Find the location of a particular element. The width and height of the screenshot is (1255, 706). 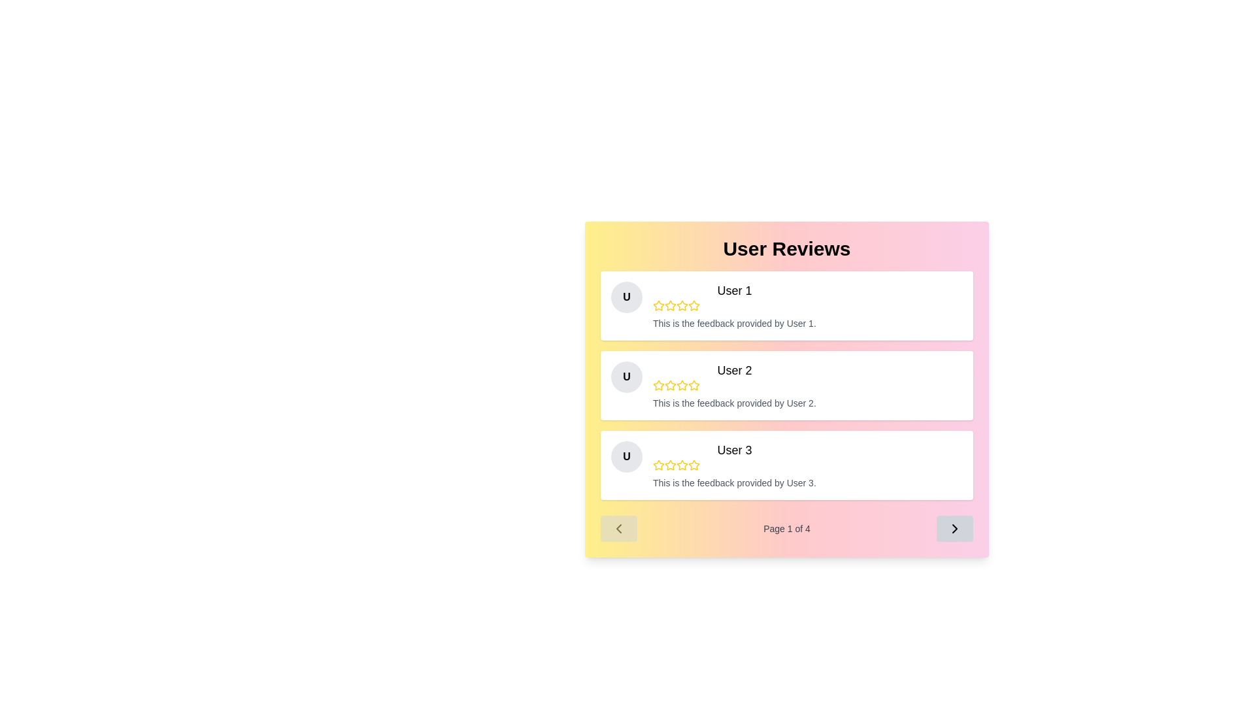

the information displayed in the text label that shows the current page number and total number of pages in the pagination system, located between two arrow icons beneath the user reviews section is located at coordinates (786, 528).